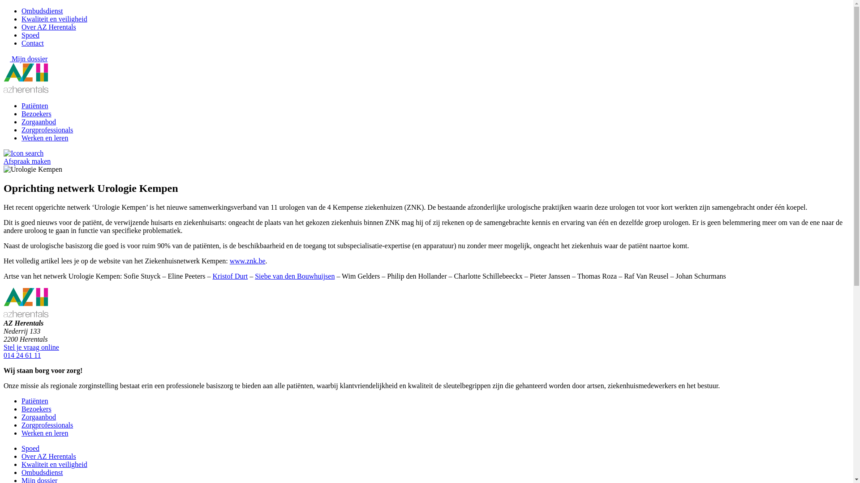 This screenshot has height=483, width=860. I want to click on 'Zorgprofessionals', so click(21, 130).